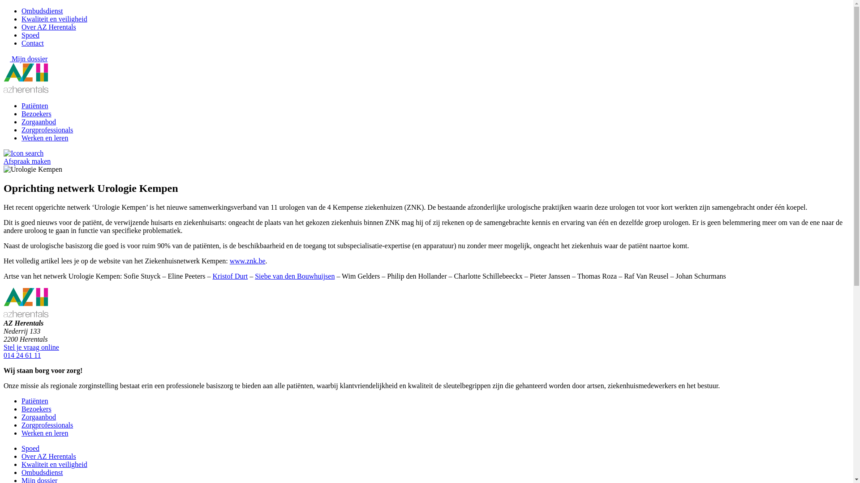 This screenshot has height=483, width=860. I want to click on 'Zorgprofessionals', so click(21, 130).